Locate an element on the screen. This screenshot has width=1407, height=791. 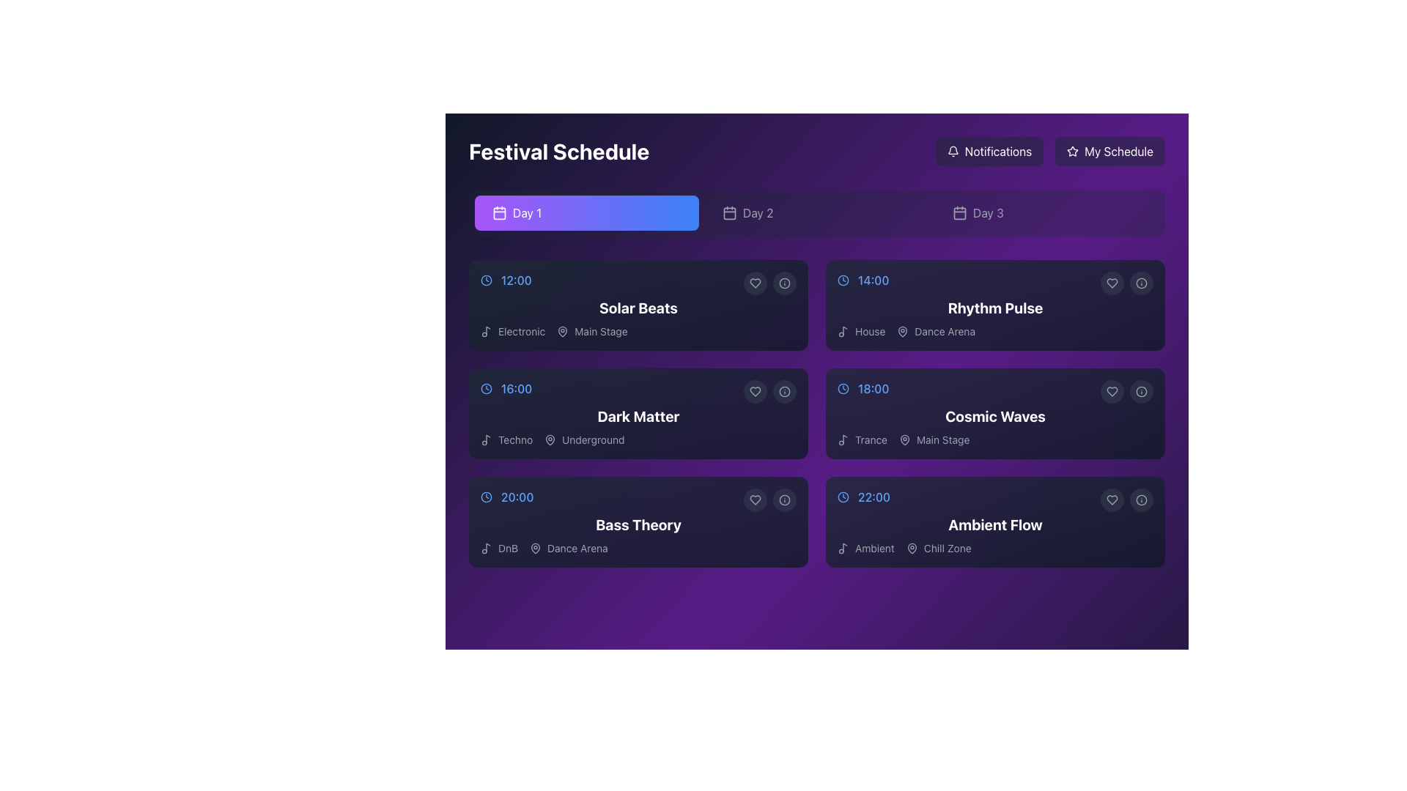
the notifications button located is located at coordinates (997, 152).